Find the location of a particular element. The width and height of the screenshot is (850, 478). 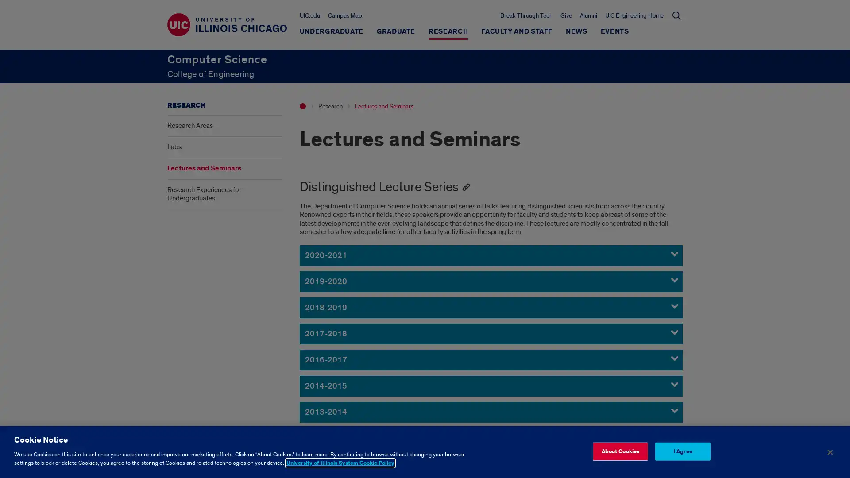

2020-2021 is located at coordinates (490, 255).